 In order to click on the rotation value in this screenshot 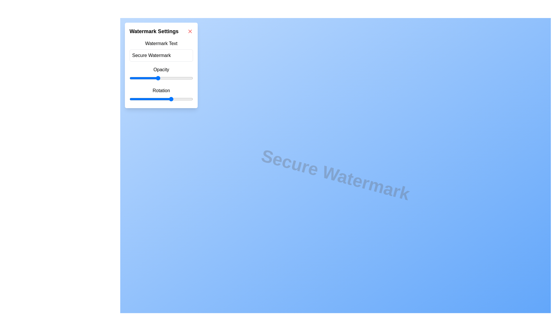, I will do `click(153, 99)`.